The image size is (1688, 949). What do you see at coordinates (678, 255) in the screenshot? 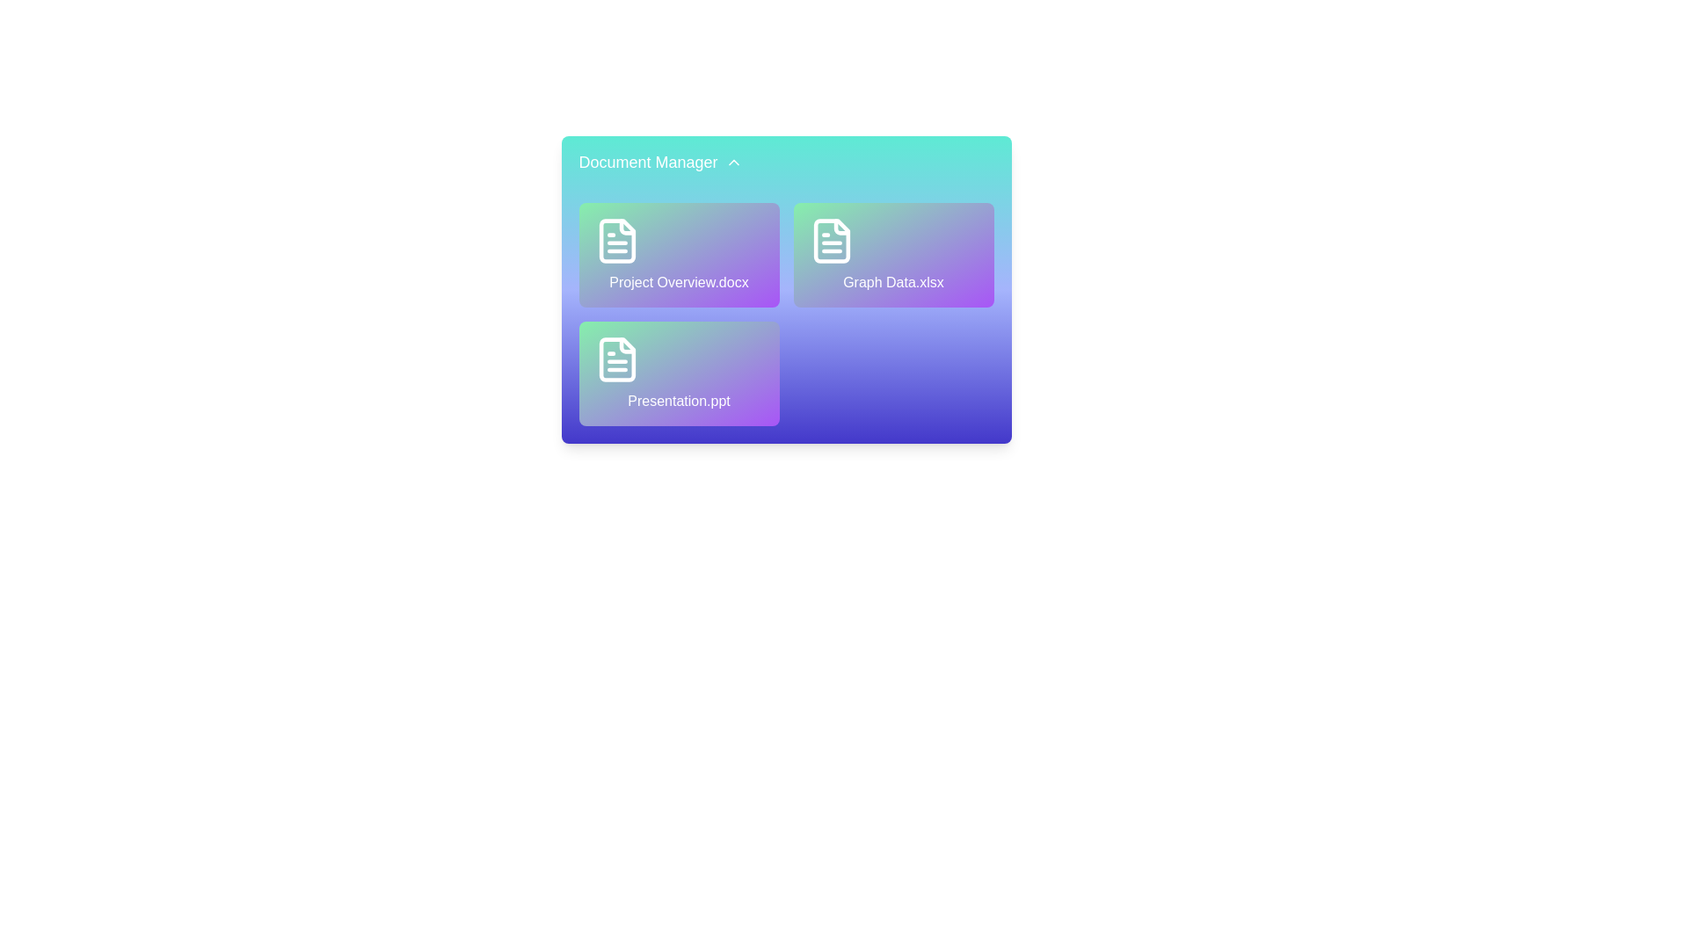
I see `the file Project Overview.docx to observe hover effects` at bounding box center [678, 255].